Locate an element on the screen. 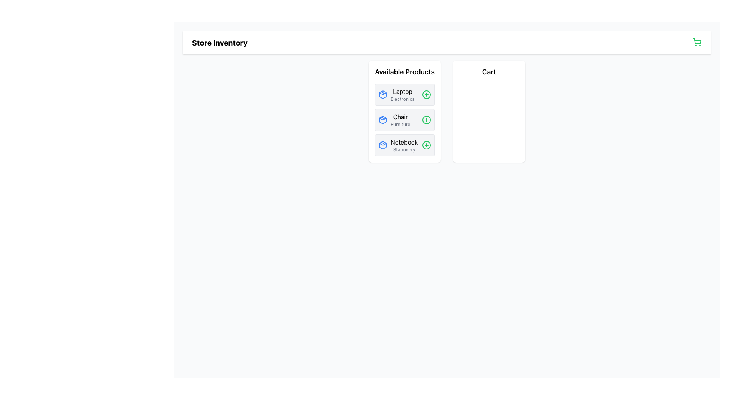 This screenshot has height=414, width=736. the blue package icon located next to the 'Chair' entry in the 'Available Products' section, which is the second item in the list is located at coordinates (383, 120).